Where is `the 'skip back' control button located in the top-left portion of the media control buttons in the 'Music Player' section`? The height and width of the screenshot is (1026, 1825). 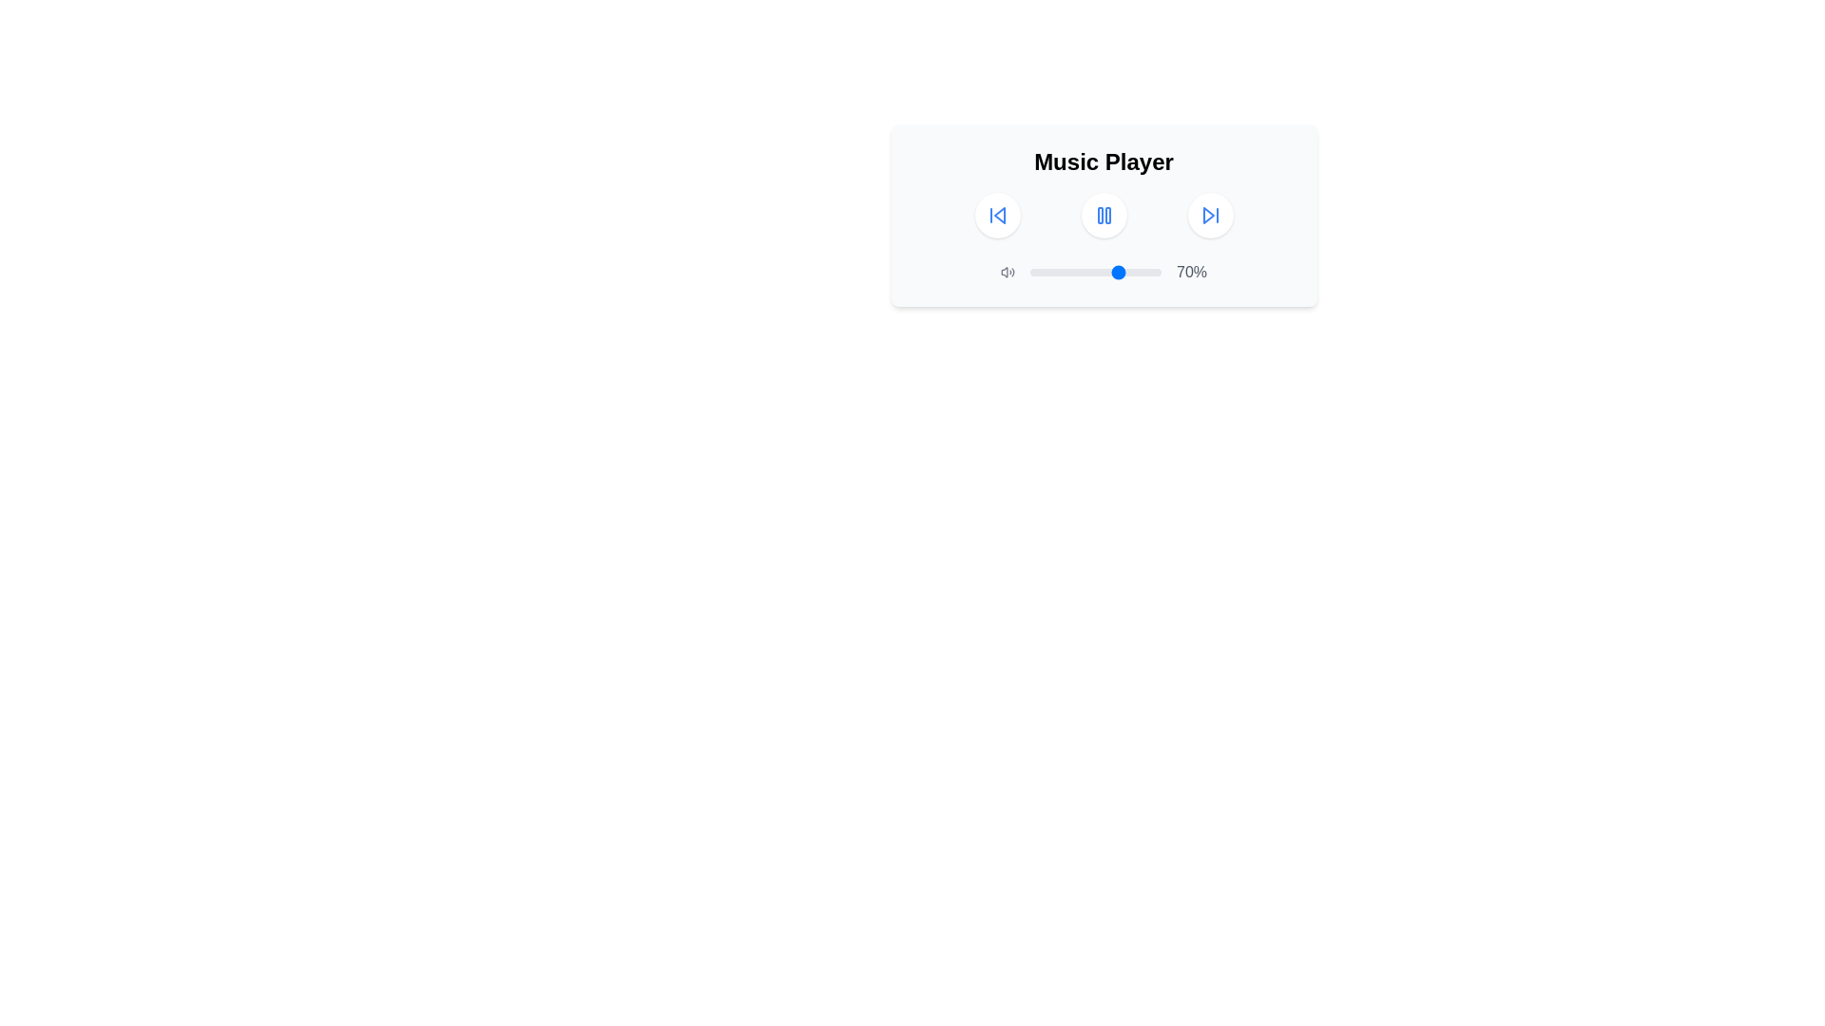 the 'skip back' control button located in the top-left portion of the media control buttons in the 'Music Player' section is located at coordinates (998, 215).